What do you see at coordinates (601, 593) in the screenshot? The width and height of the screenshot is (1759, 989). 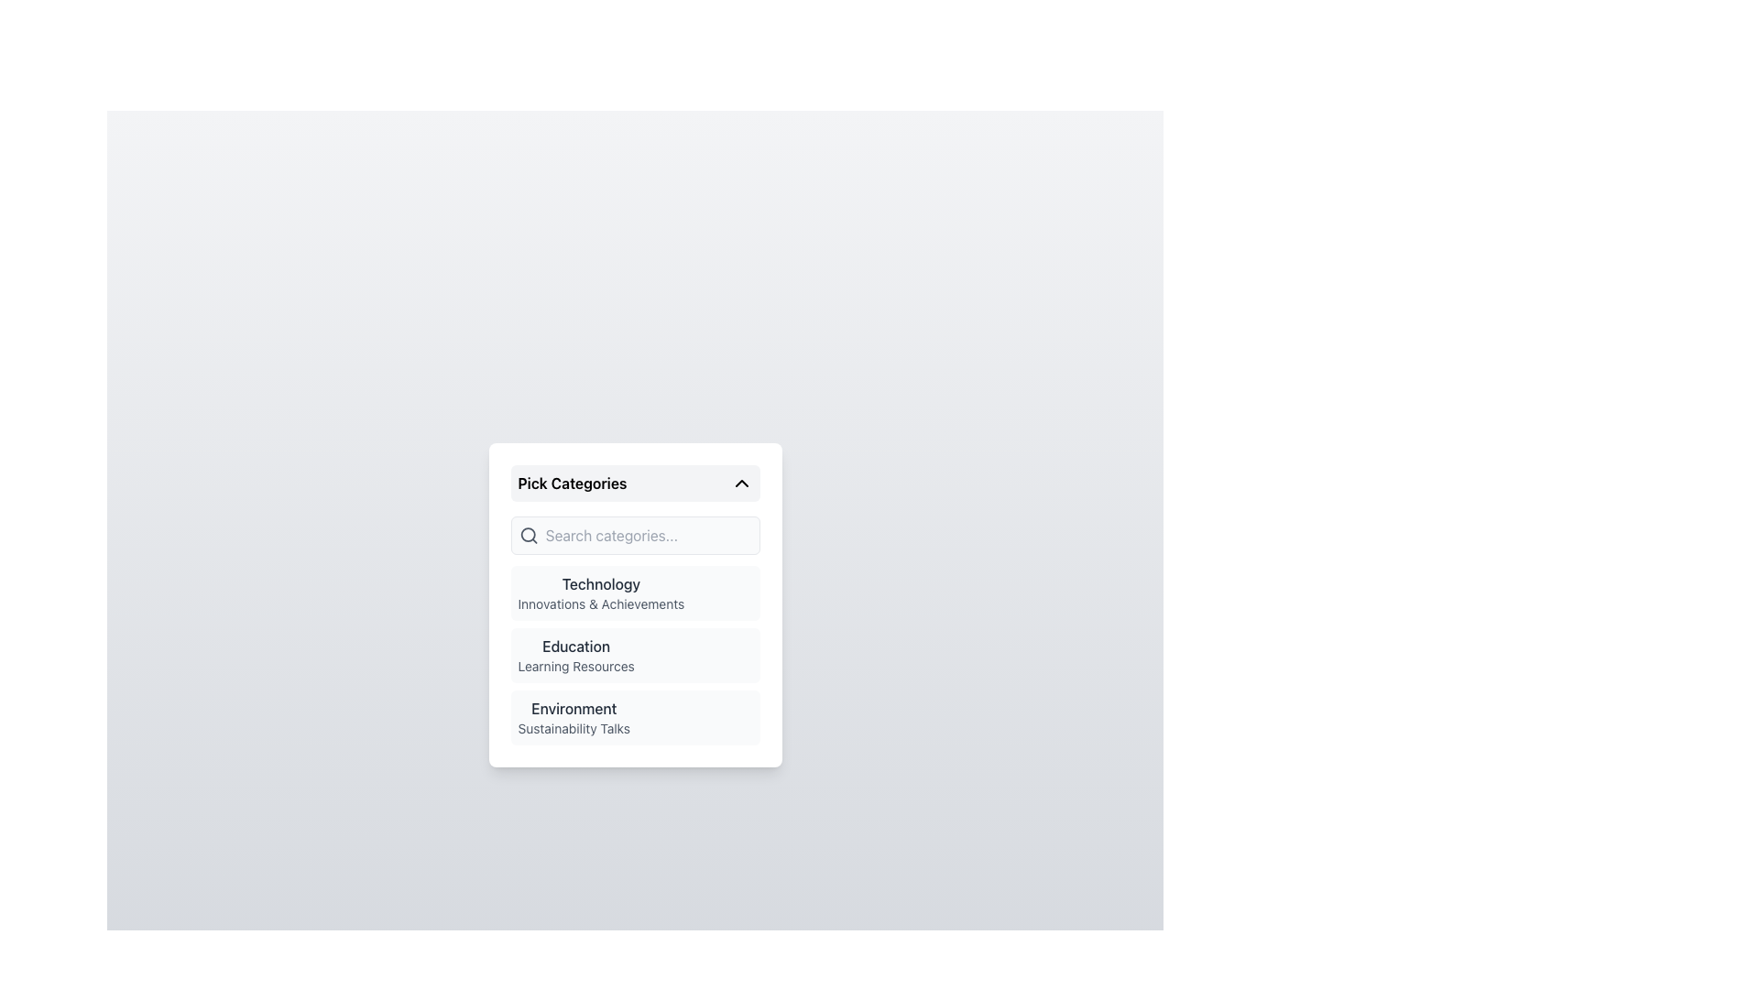 I see `the 'Technology' category label in the vertical list` at bounding box center [601, 593].